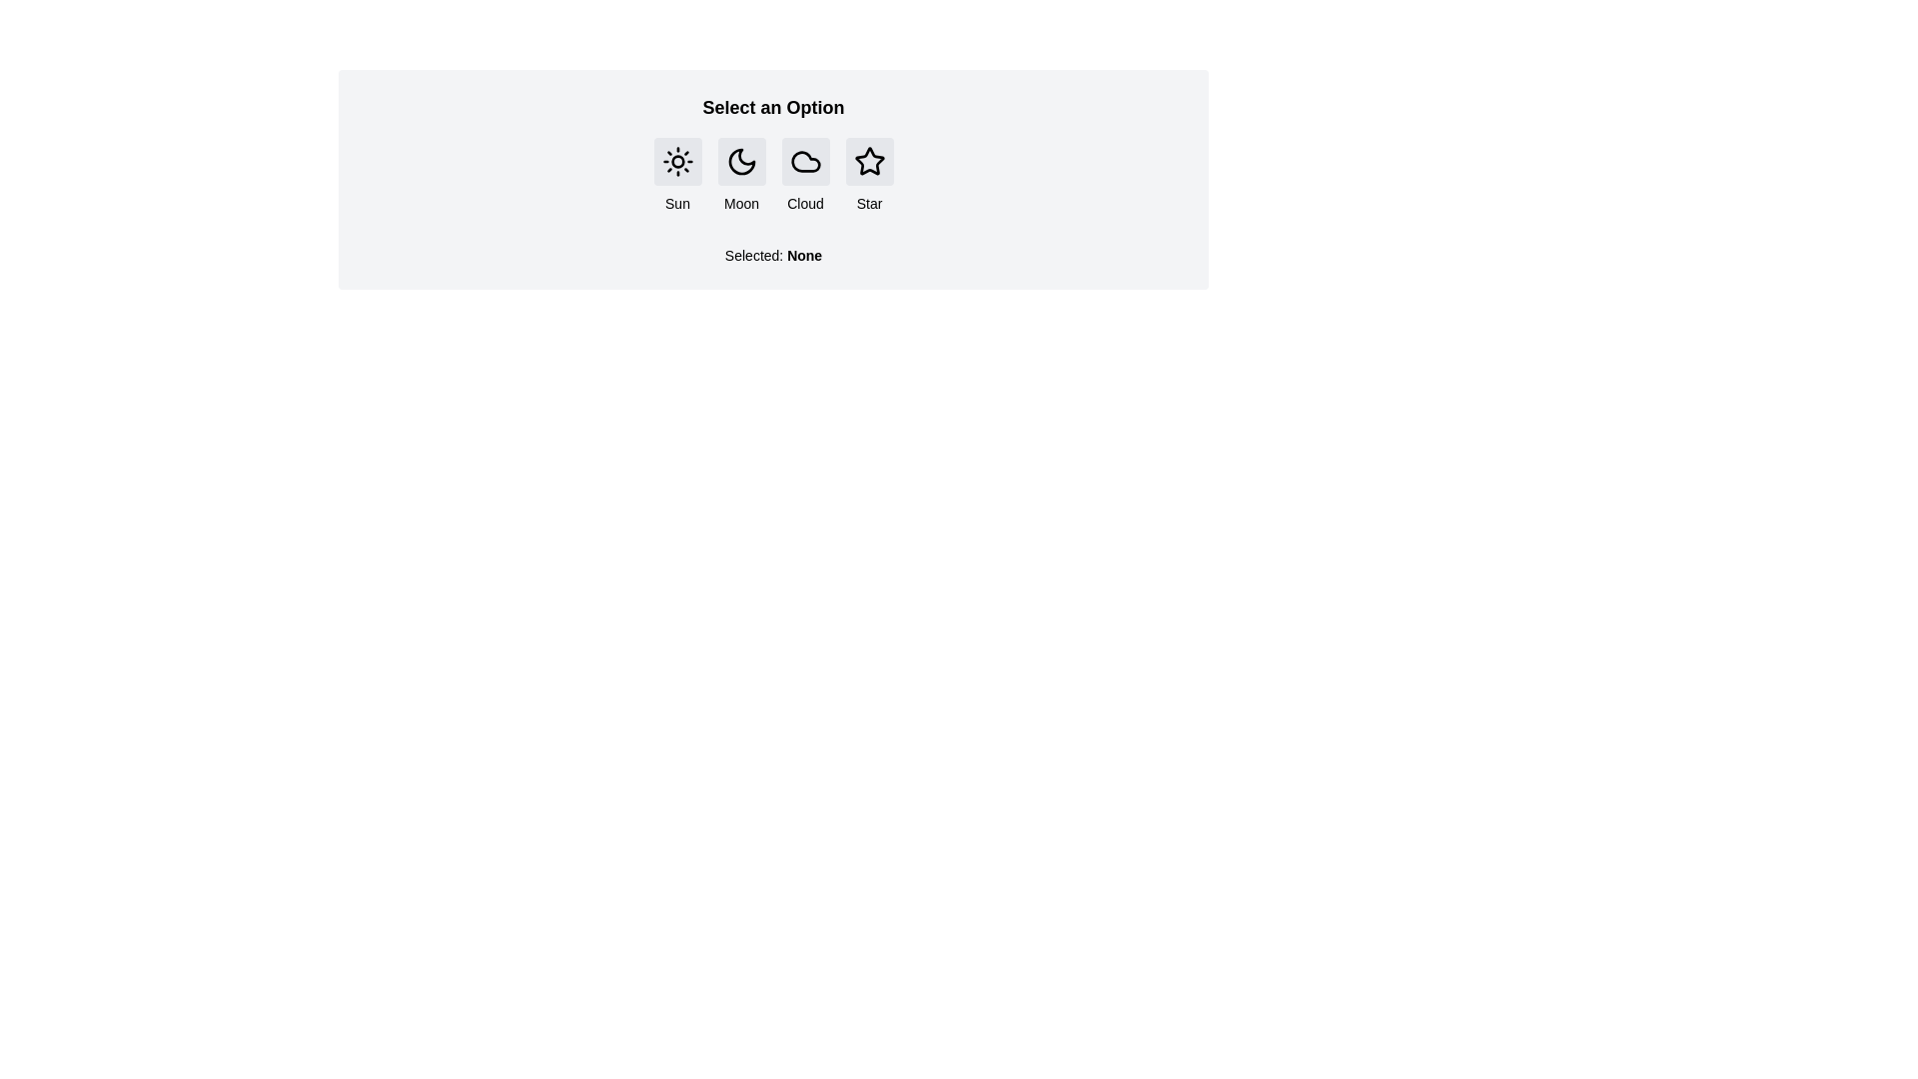 The width and height of the screenshot is (1918, 1079). What do you see at coordinates (740, 161) in the screenshot?
I see `the selectable button for the 'Moon' option located in the second position from the left under the 'Select an Option' heading` at bounding box center [740, 161].